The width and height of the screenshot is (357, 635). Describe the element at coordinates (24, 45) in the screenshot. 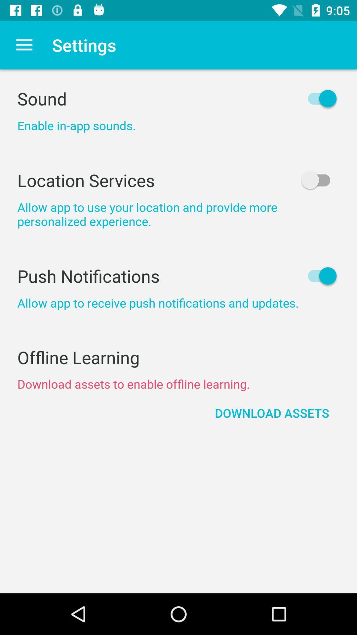

I see `item above the sound icon` at that location.